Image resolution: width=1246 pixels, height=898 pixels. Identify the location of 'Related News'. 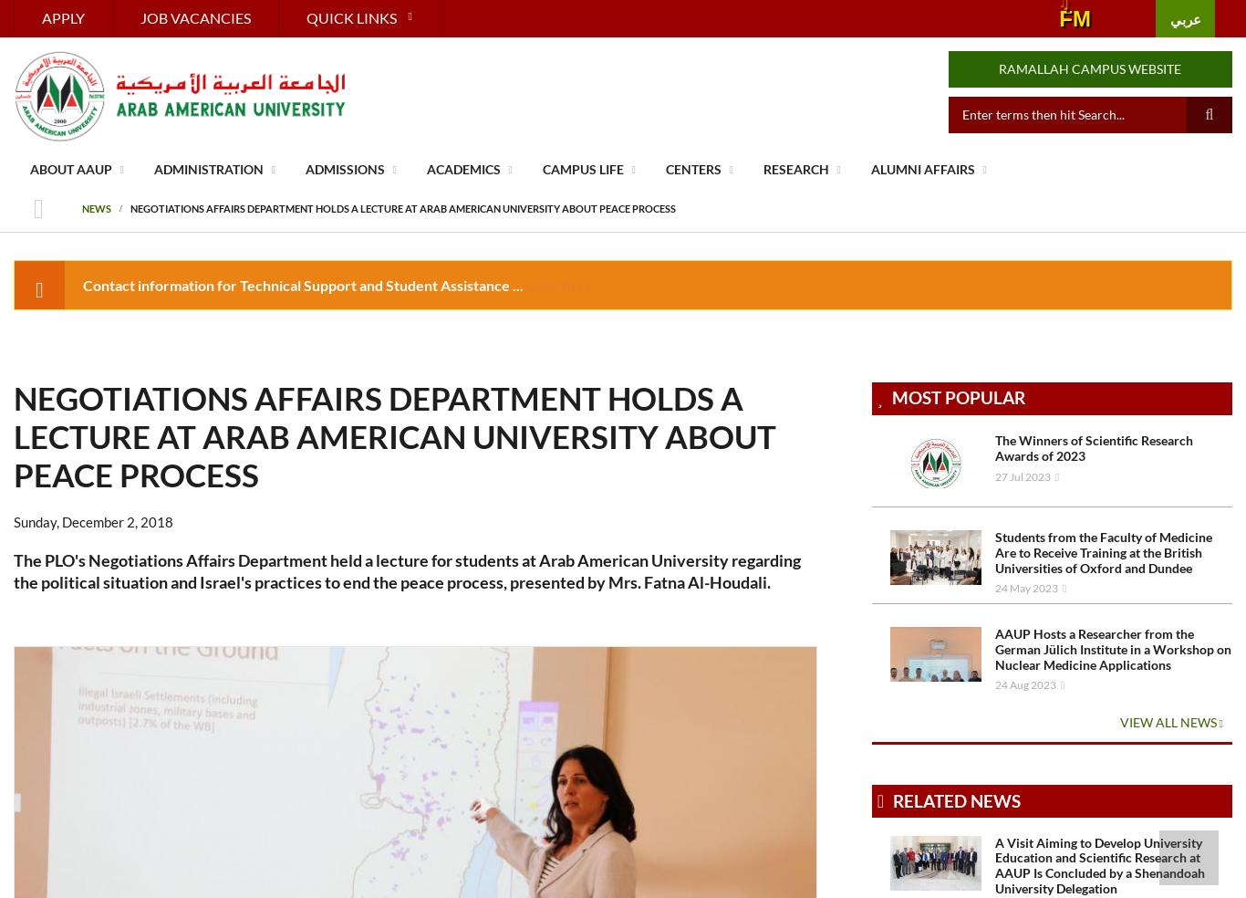
(892, 799).